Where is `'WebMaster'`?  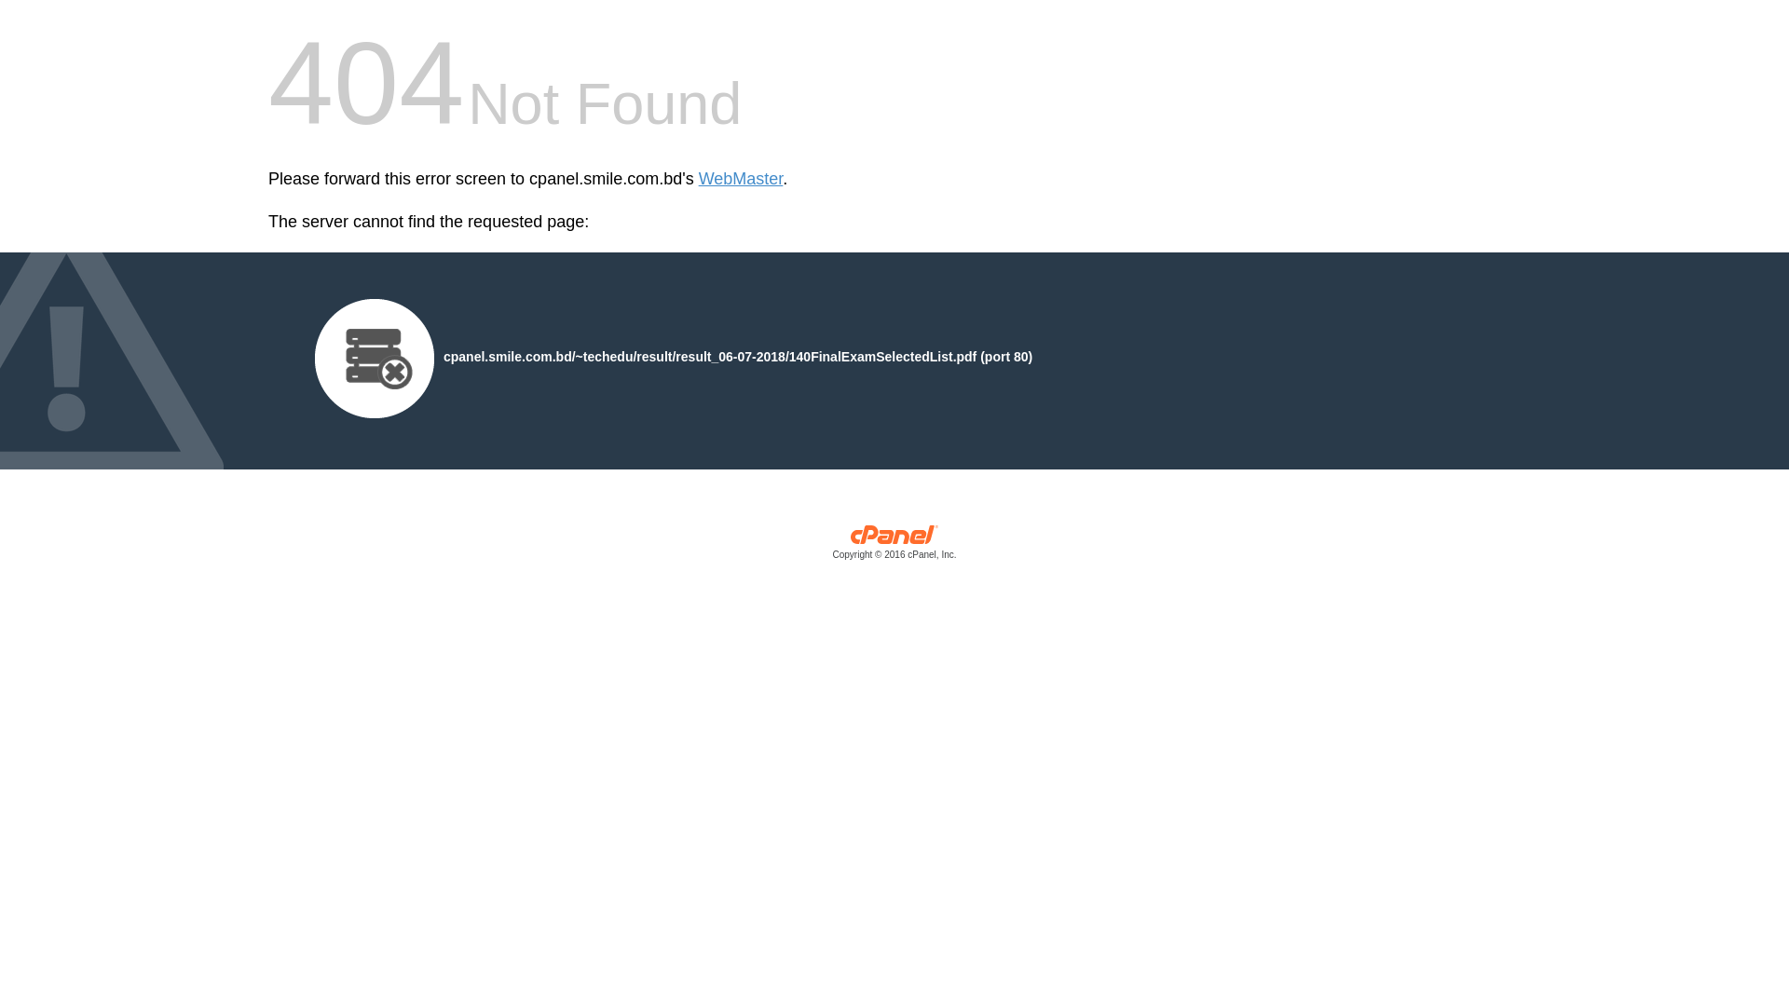 'WebMaster' is located at coordinates (740, 179).